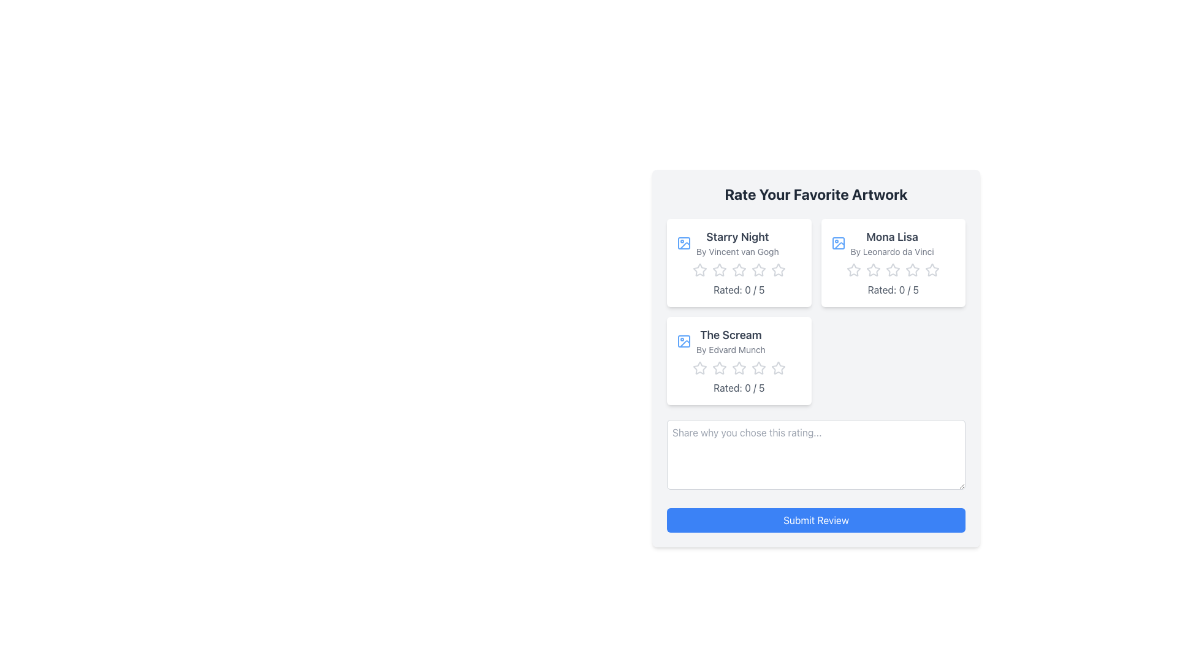 This screenshot has height=662, width=1177. I want to click on the text label indicating the name and creator of the artwork, so click(737, 243).